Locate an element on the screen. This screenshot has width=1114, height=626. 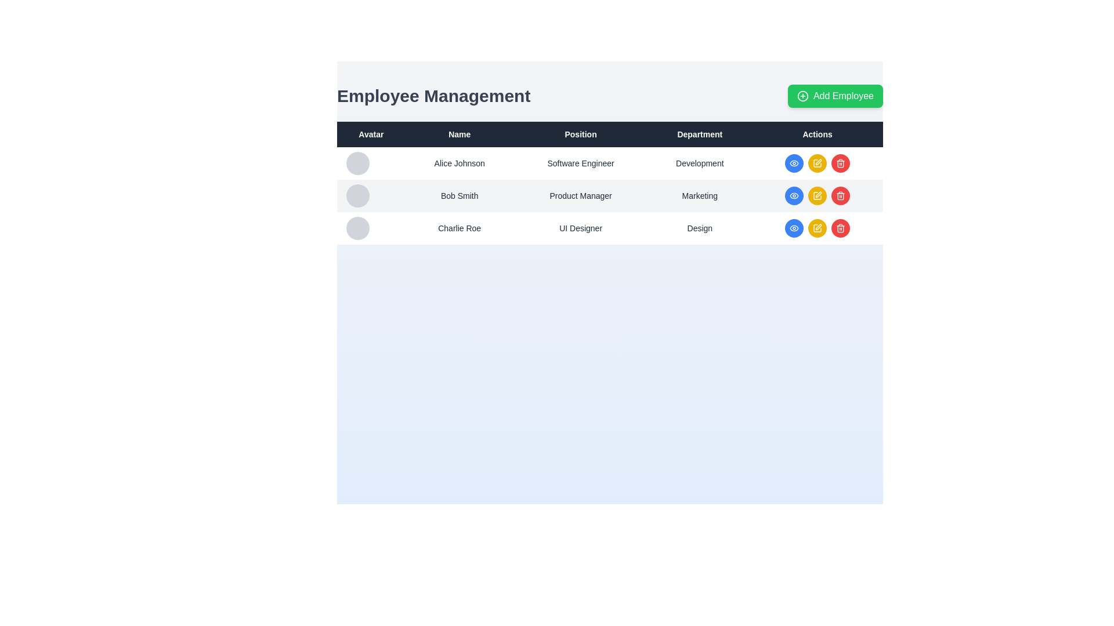
the text label displaying 'Charlie Roe', which is centrally aligned in the third row of the table under the 'Name' column is located at coordinates (459, 228).